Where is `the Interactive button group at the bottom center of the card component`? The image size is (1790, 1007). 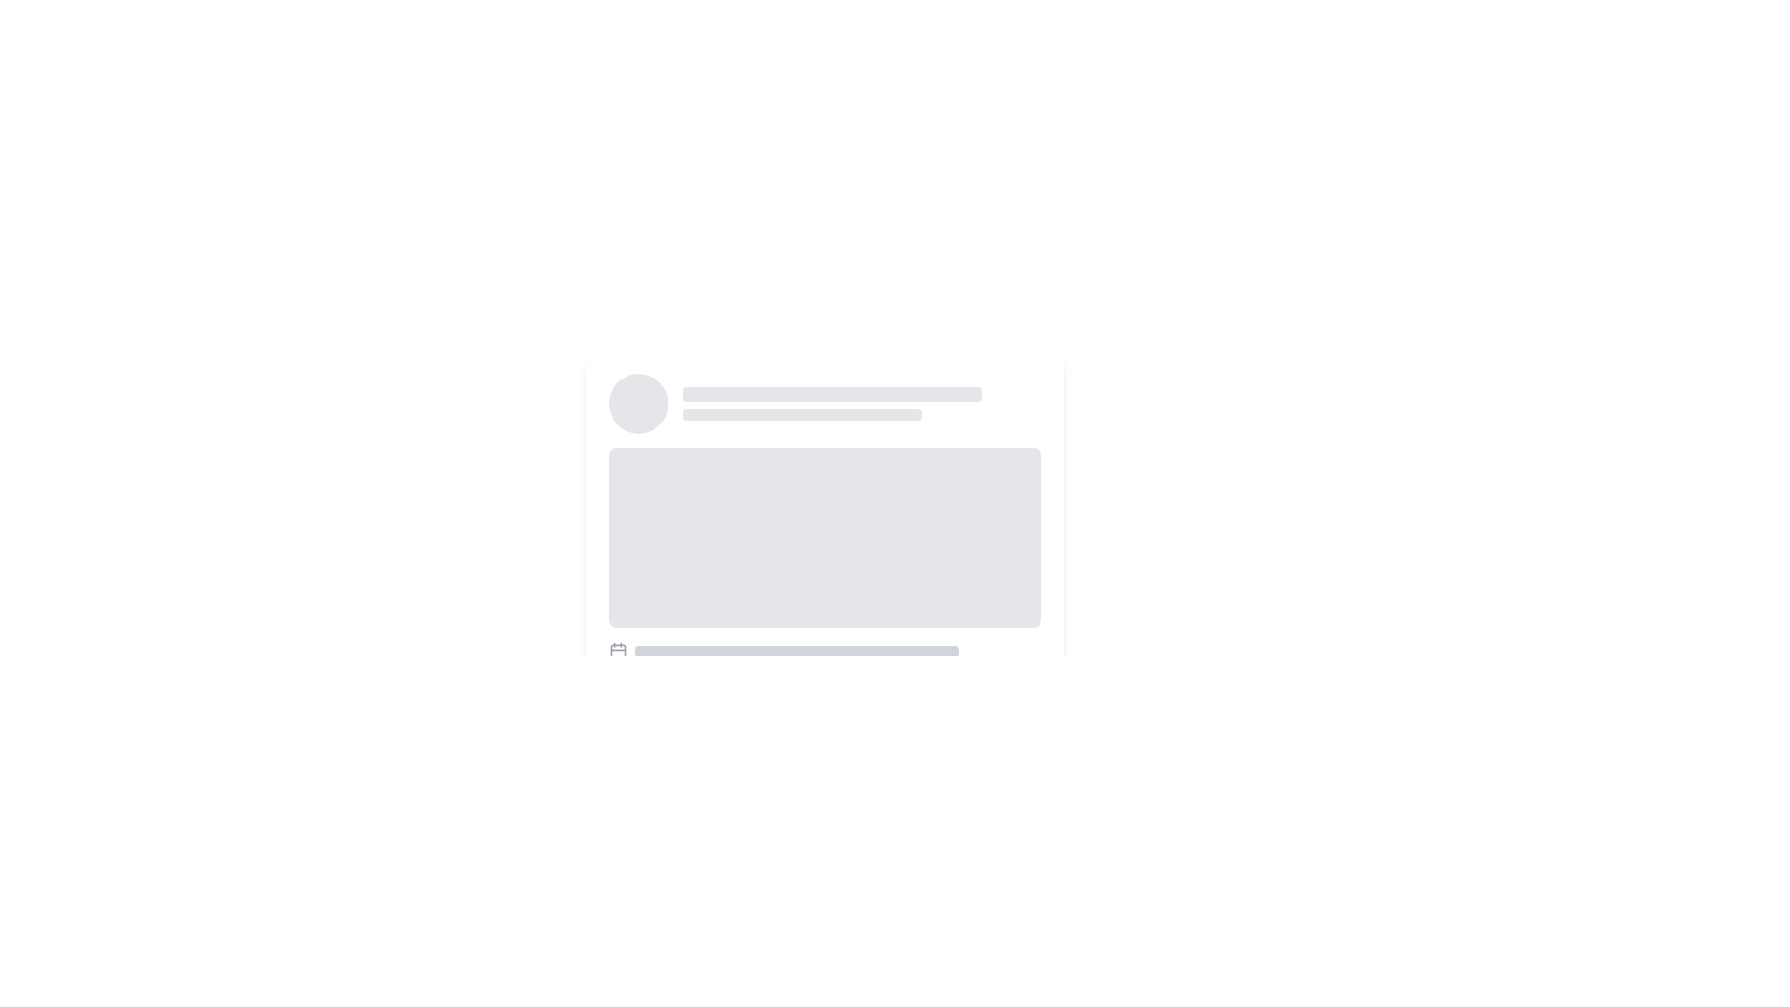
the Interactive button group at the bottom center of the card component is located at coordinates (823, 762).